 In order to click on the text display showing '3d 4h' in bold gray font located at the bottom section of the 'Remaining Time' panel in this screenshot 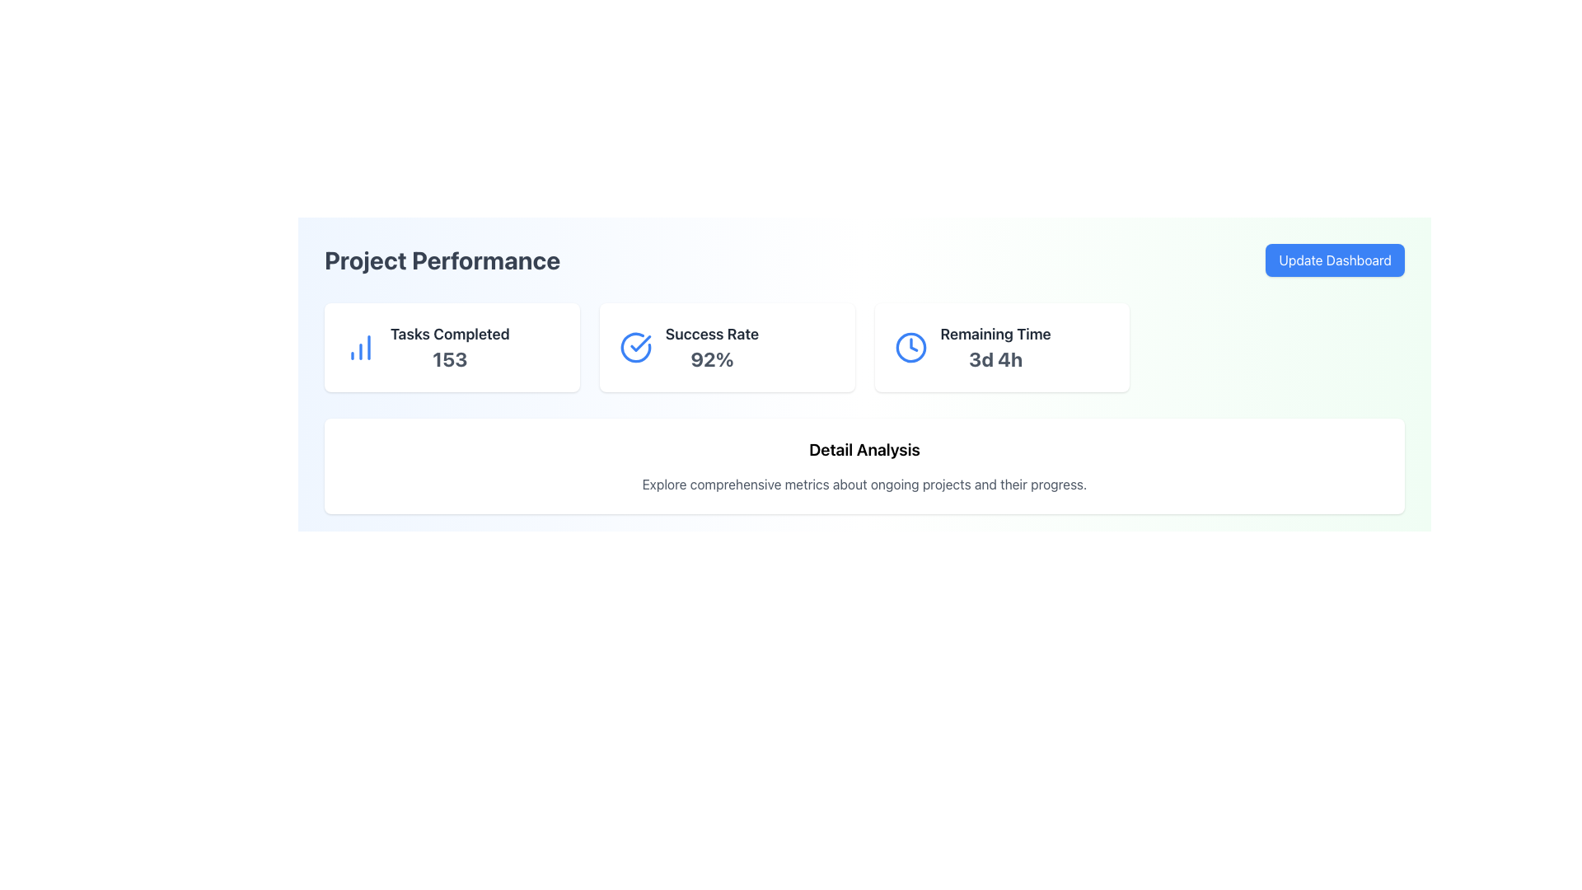, I will do `click(995, 358)`.